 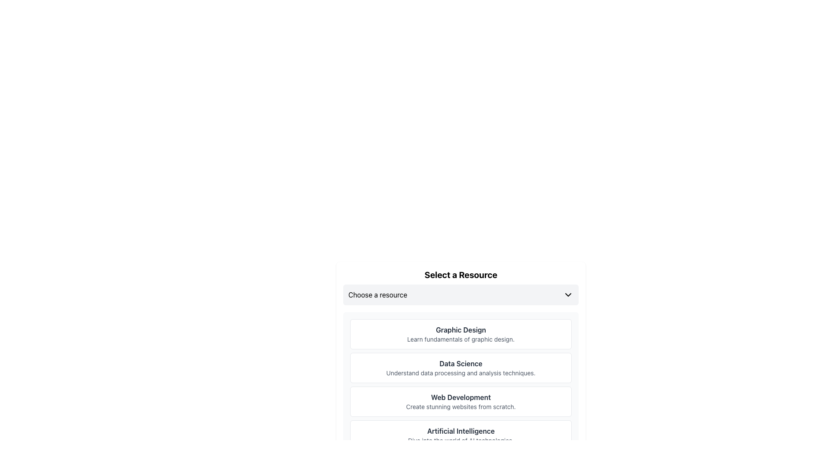 I want to click on text label indicating 'Web Development', which serves as a title or header for a resource in the 'Select a Resource' section, so click(x=461, y=397).